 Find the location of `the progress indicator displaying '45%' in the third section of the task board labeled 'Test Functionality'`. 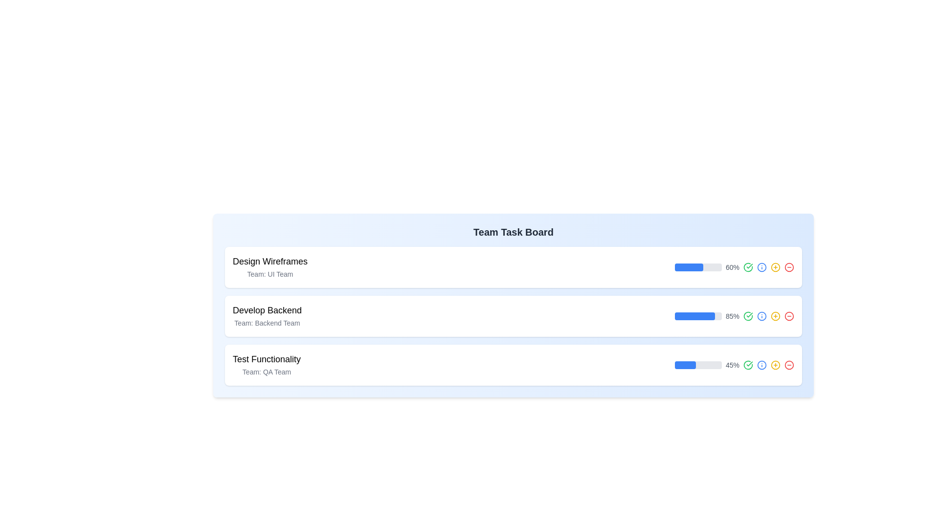

the progress indicator displaying '45%' in the third section of the task board labeled 'Test Functionality' is located at coordinates (735, 365).